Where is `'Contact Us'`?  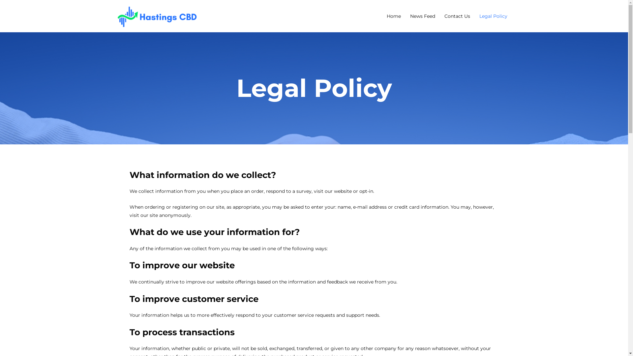
'Contact Us' is located at coordinates (457, 15).